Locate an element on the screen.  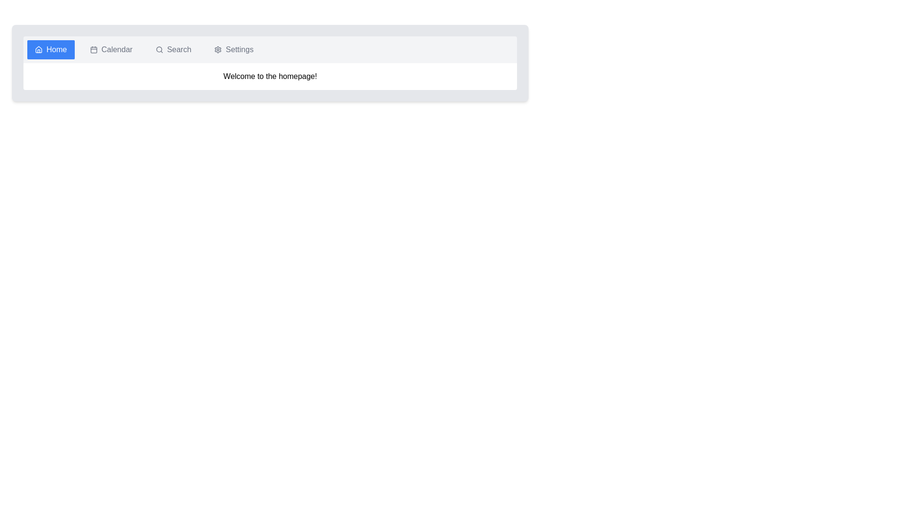
the Home icon, which visually represents the homepage navigation option and is located at the far left of the navigation bar, next to the label 'Home' is located at coordinates (38, 50).